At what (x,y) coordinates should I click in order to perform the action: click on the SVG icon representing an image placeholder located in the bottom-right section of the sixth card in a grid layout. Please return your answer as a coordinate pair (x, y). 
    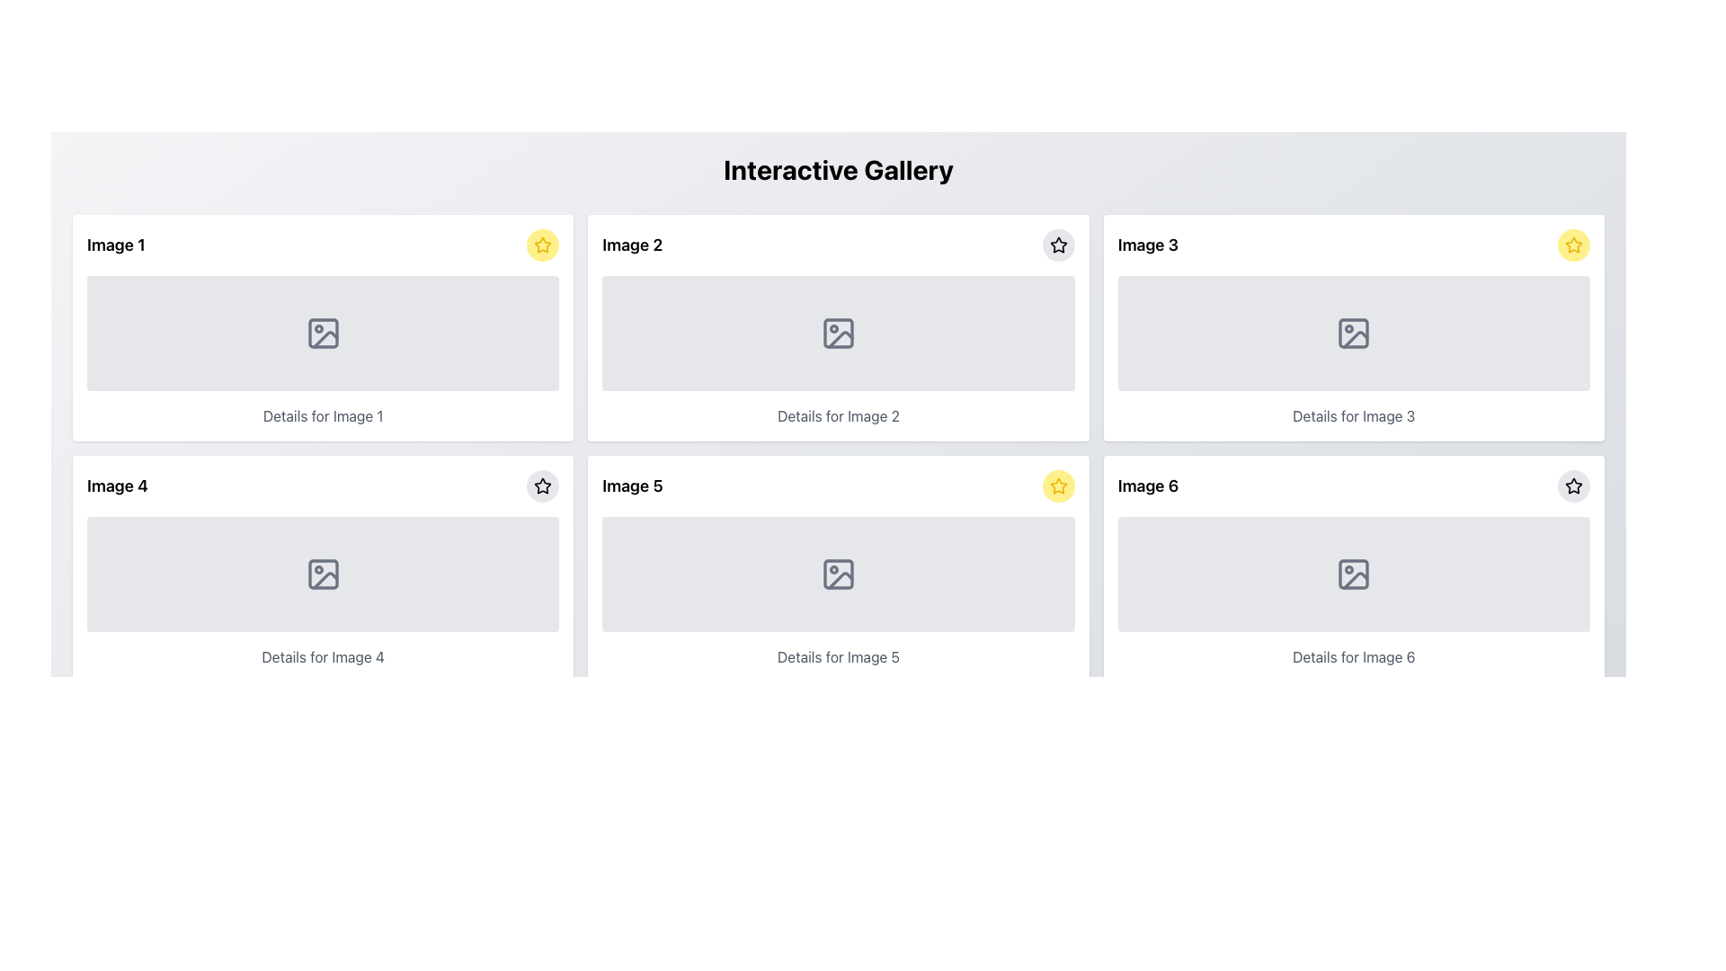
    Looking at the image, I should click on (1354, 575).